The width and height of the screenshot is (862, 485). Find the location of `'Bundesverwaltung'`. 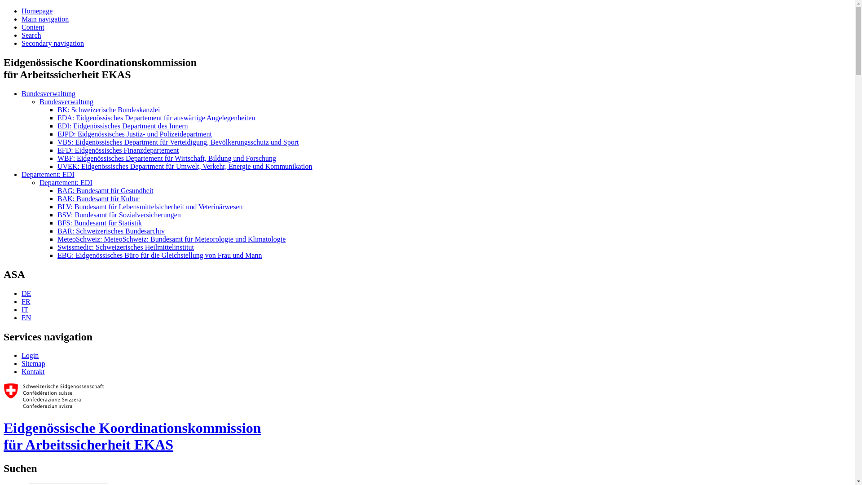

'Bundesverwaltung' is located at coordinates (48, 93).